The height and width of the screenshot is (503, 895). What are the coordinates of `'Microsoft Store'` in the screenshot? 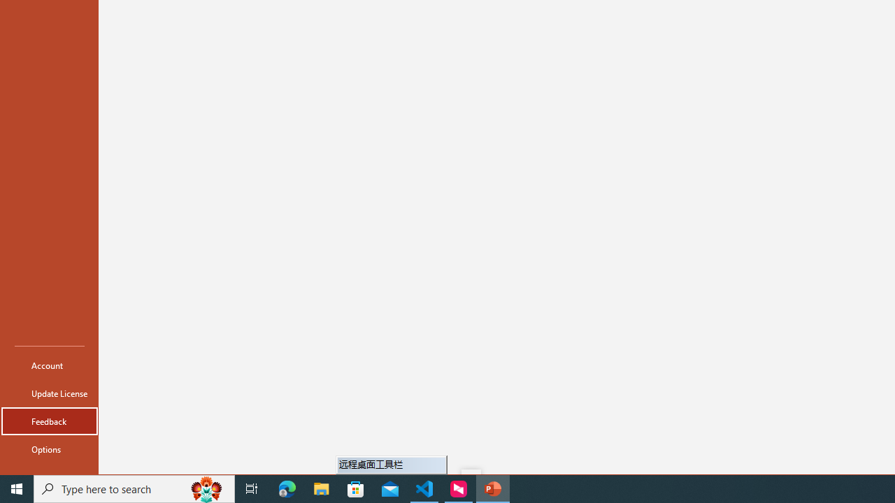 It's located at (356, 488).